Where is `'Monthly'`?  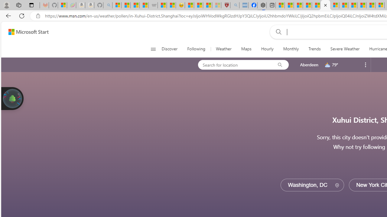 'Monthly' is located at coordinates (291, 49).